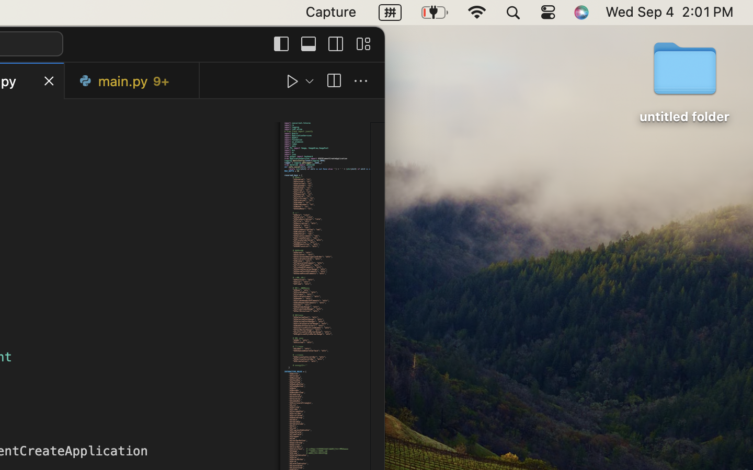 The height and width of the screenshot is (470, 753). What do you see at coordinates (308, 43) in the screenshot?
I see `''` at bounding box center [308, 43].